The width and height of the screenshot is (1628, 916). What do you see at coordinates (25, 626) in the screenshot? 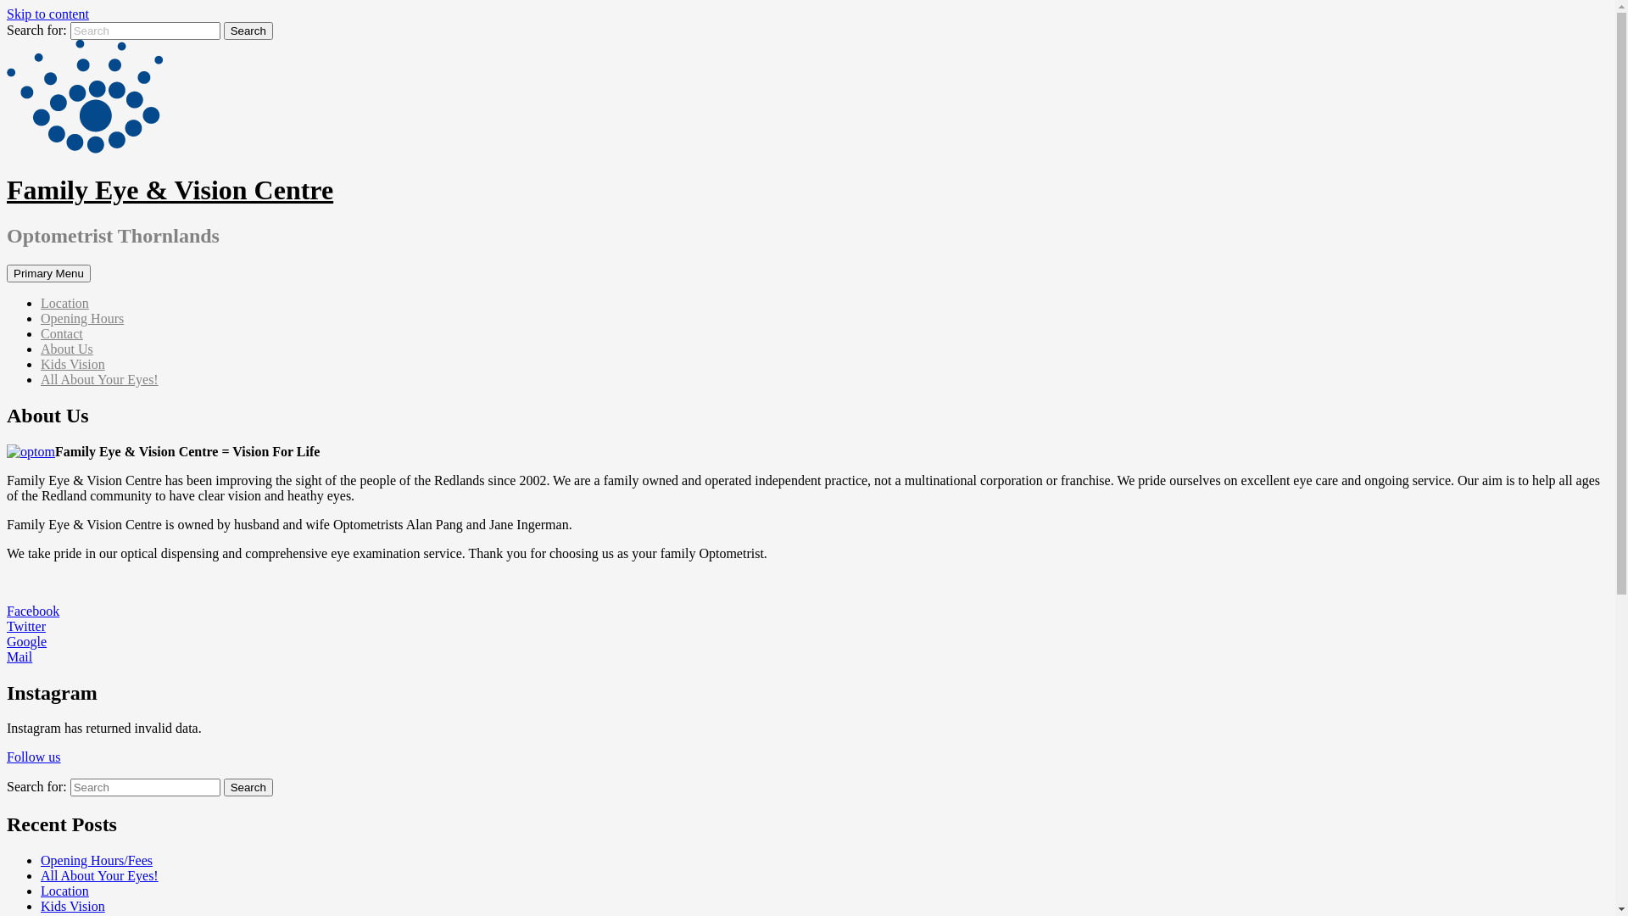
I see `'Twitter'` at bounding box center [25, 626].